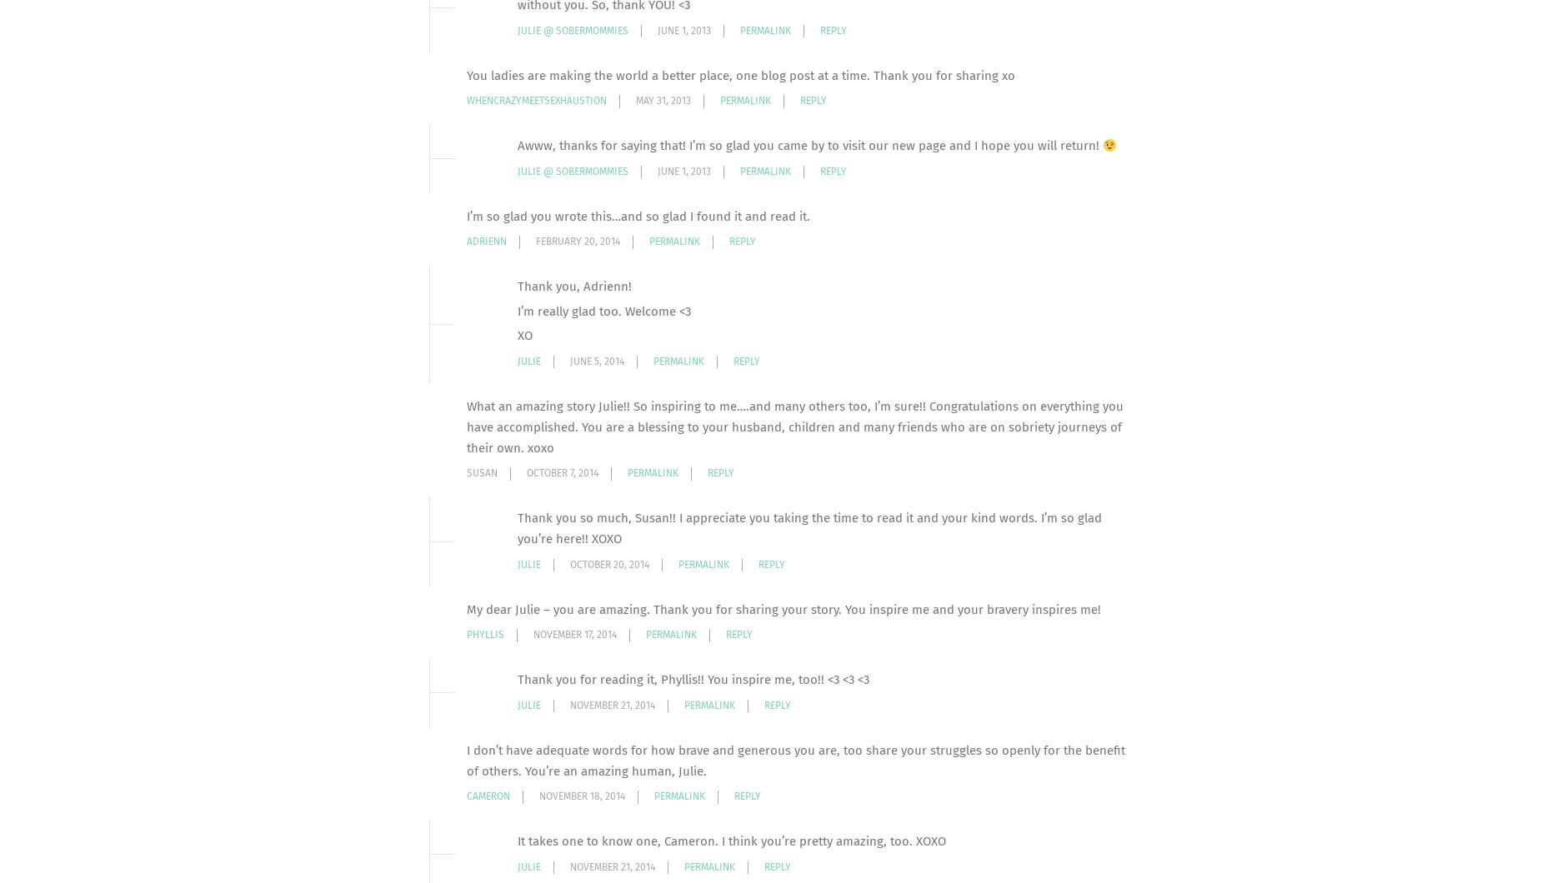 The width and height of the screenshot is (1542, 883). Describe the element at coordinates (485, 634) in the screenshot. I see `'Phyllis'` at that location.